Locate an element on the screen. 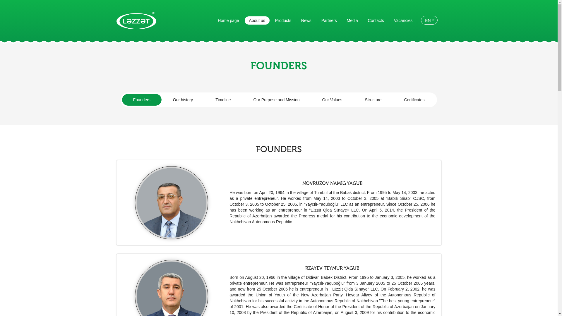  'Products' is located at coordinates (283, 20).